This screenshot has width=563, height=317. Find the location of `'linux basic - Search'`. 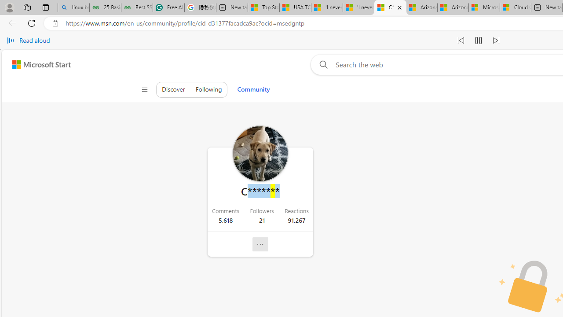

'linux basic - Search' is located at coordinates (73, 7).